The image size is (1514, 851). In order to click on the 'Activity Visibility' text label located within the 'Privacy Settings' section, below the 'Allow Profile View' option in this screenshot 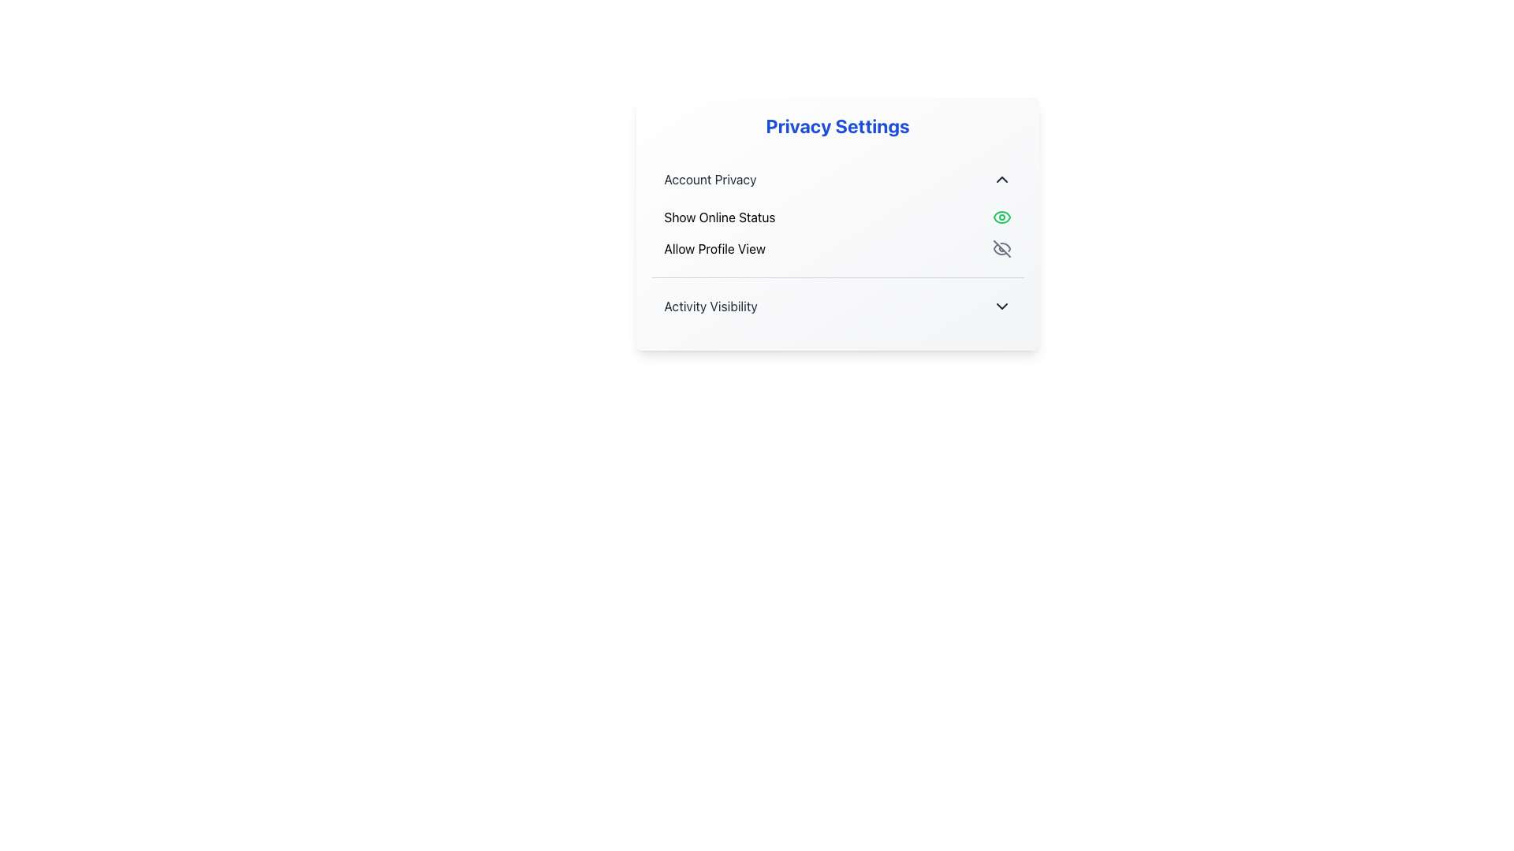, I will do `click(710, 307)`.